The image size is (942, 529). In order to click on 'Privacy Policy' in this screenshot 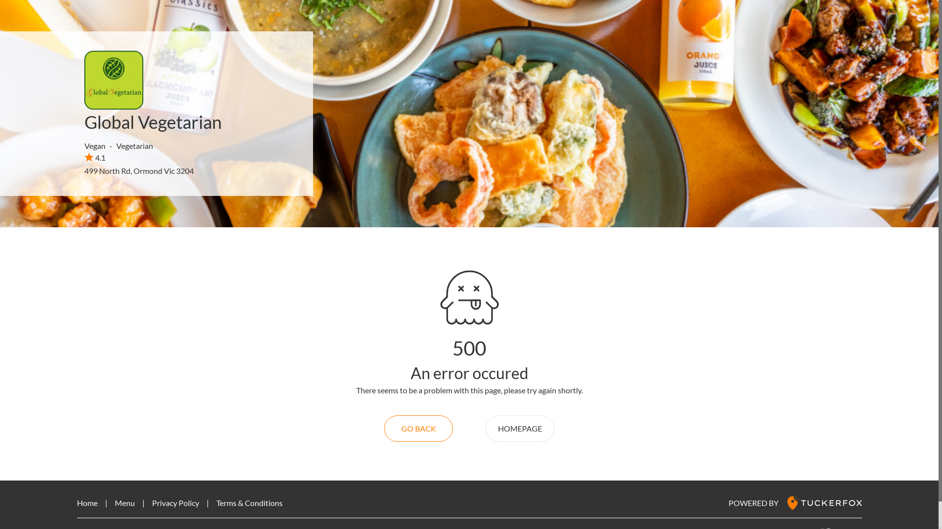, I will do `click(176, 503)`.